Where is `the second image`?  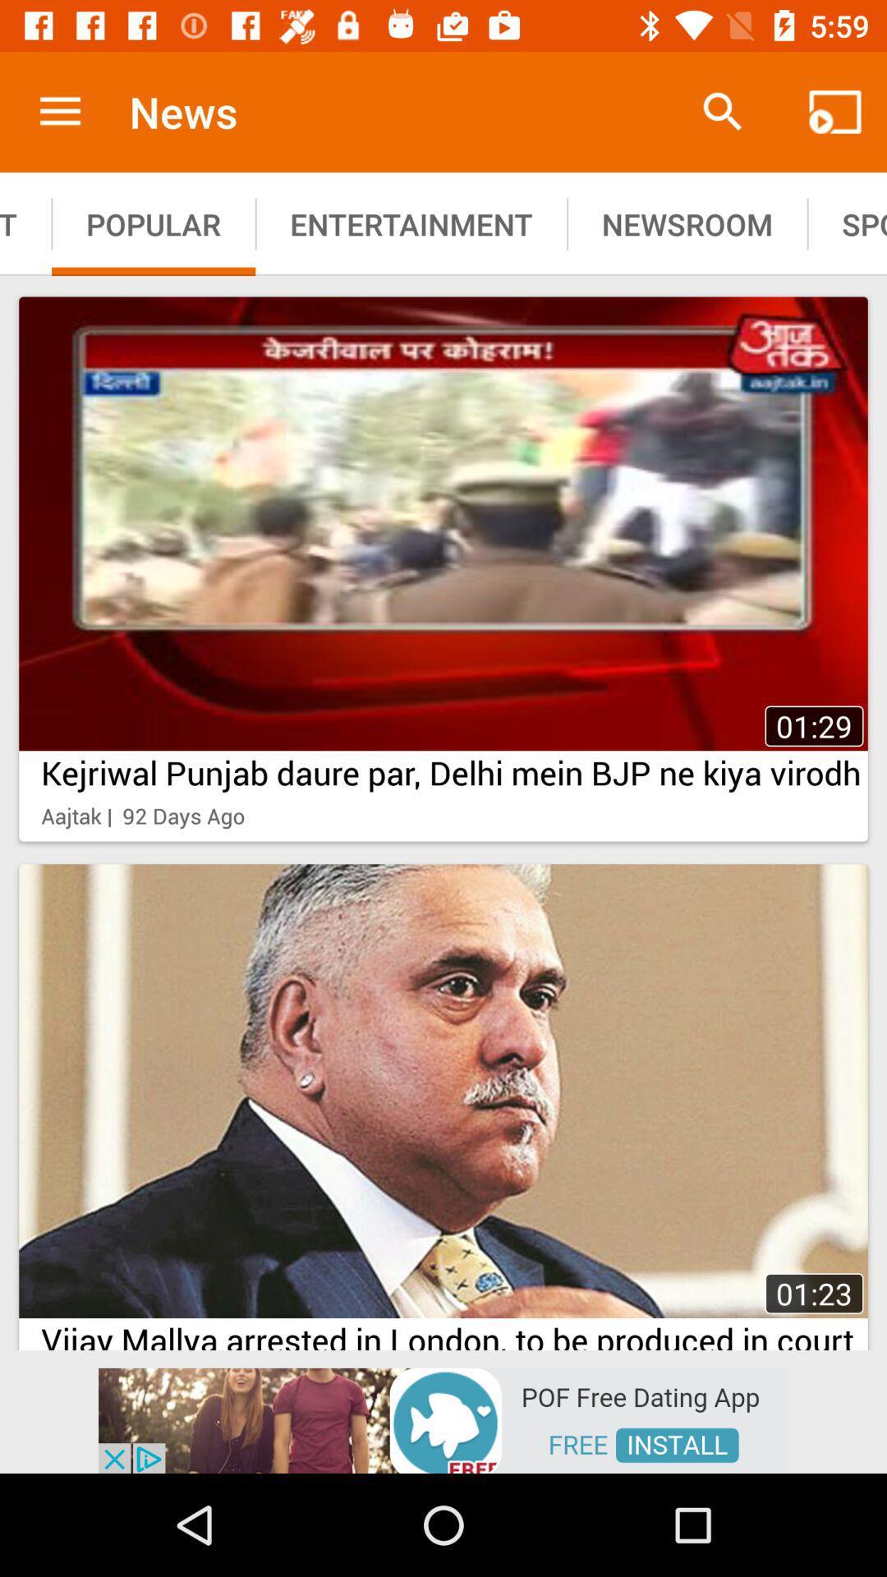
the second image is located at coordinates (443, 1103).